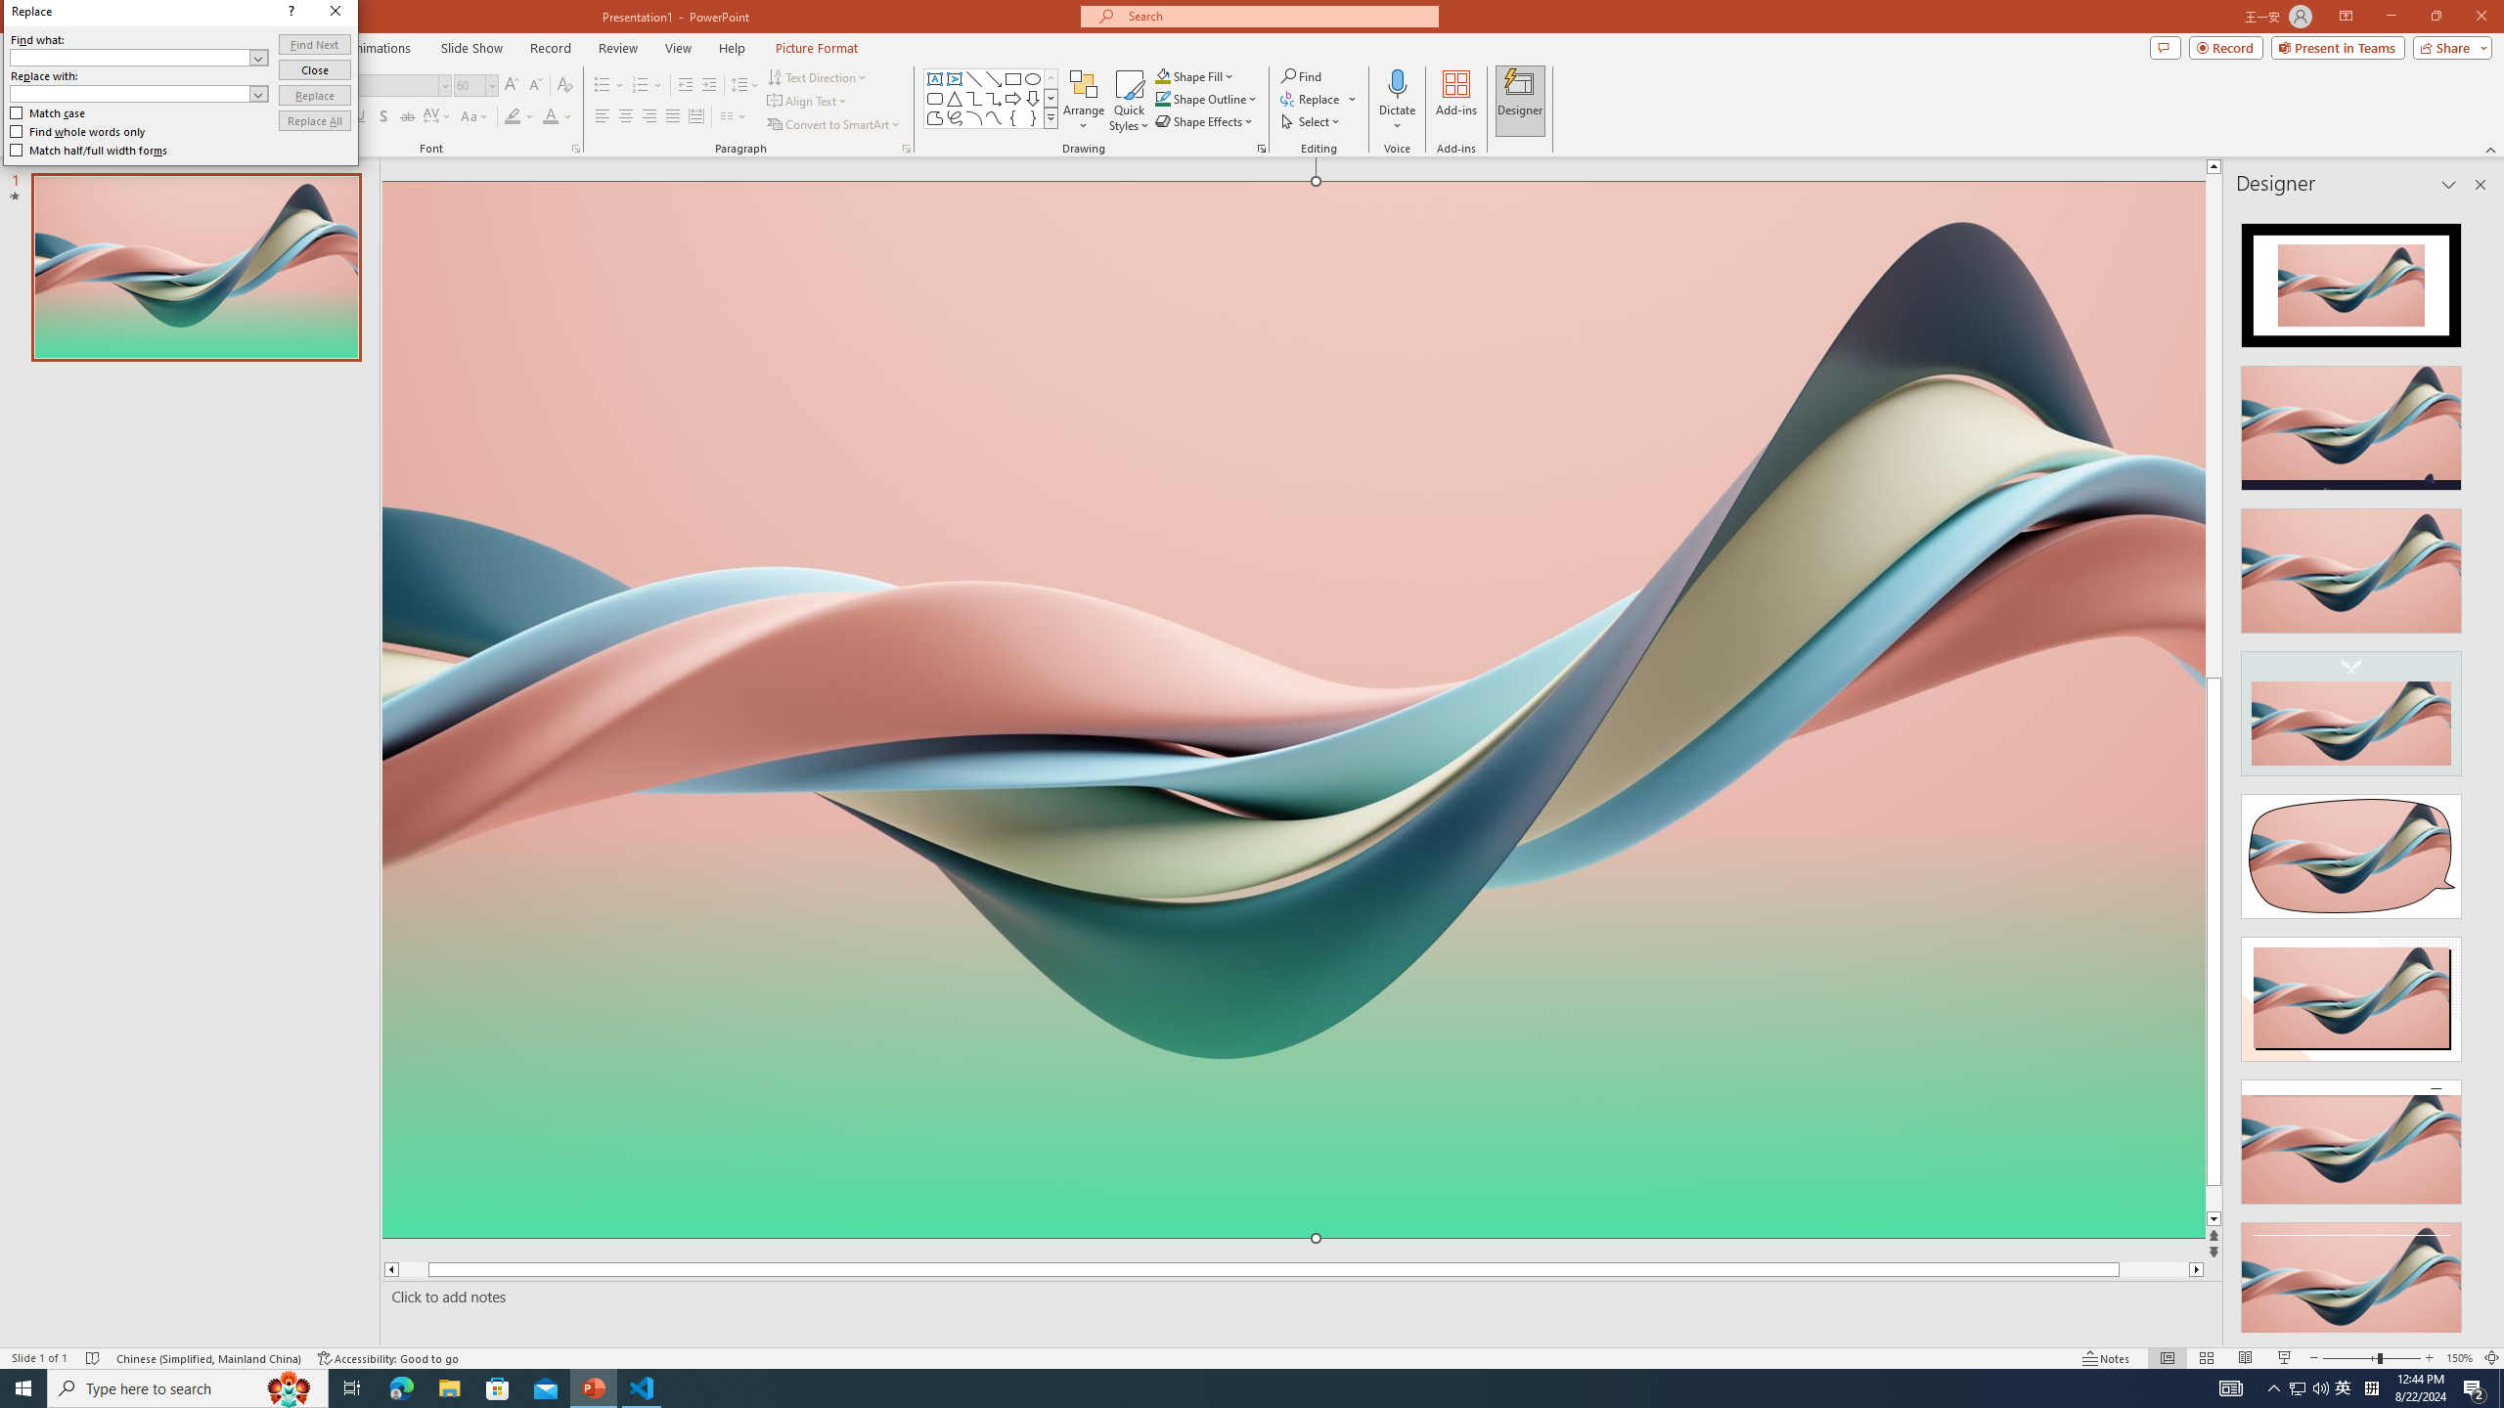 The width and height of the screenshot is (2504, 1408). I want to click on 'Font Color Red', so click(550, 115).